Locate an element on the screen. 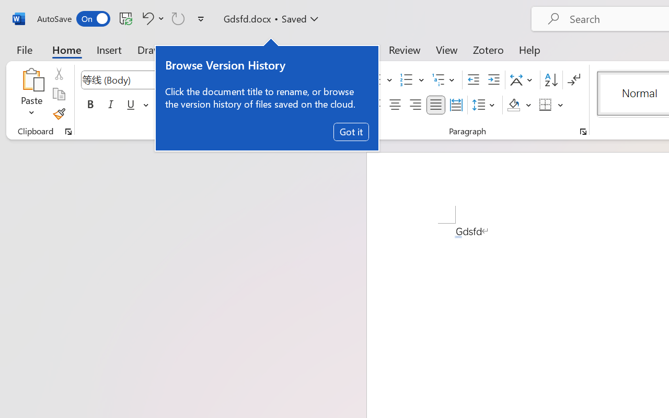  'Decrease Indent' is located at coordinates (473, 80).